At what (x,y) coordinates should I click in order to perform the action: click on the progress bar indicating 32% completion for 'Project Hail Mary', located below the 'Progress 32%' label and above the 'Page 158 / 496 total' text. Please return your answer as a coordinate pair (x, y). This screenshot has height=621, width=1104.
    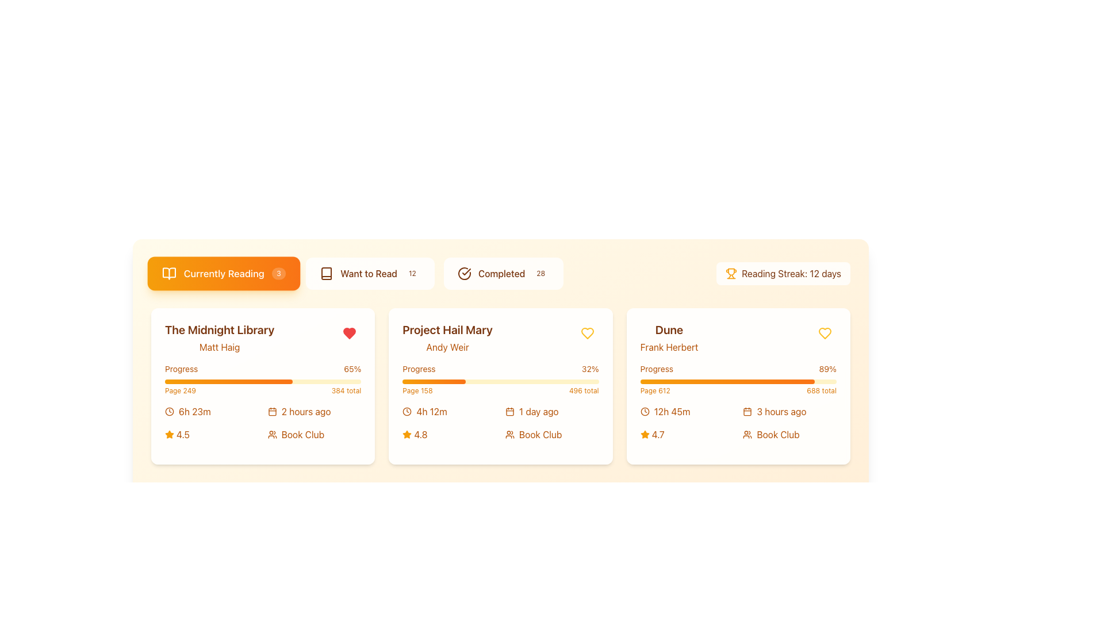
    Looking at the image, I should click on (500, 381).